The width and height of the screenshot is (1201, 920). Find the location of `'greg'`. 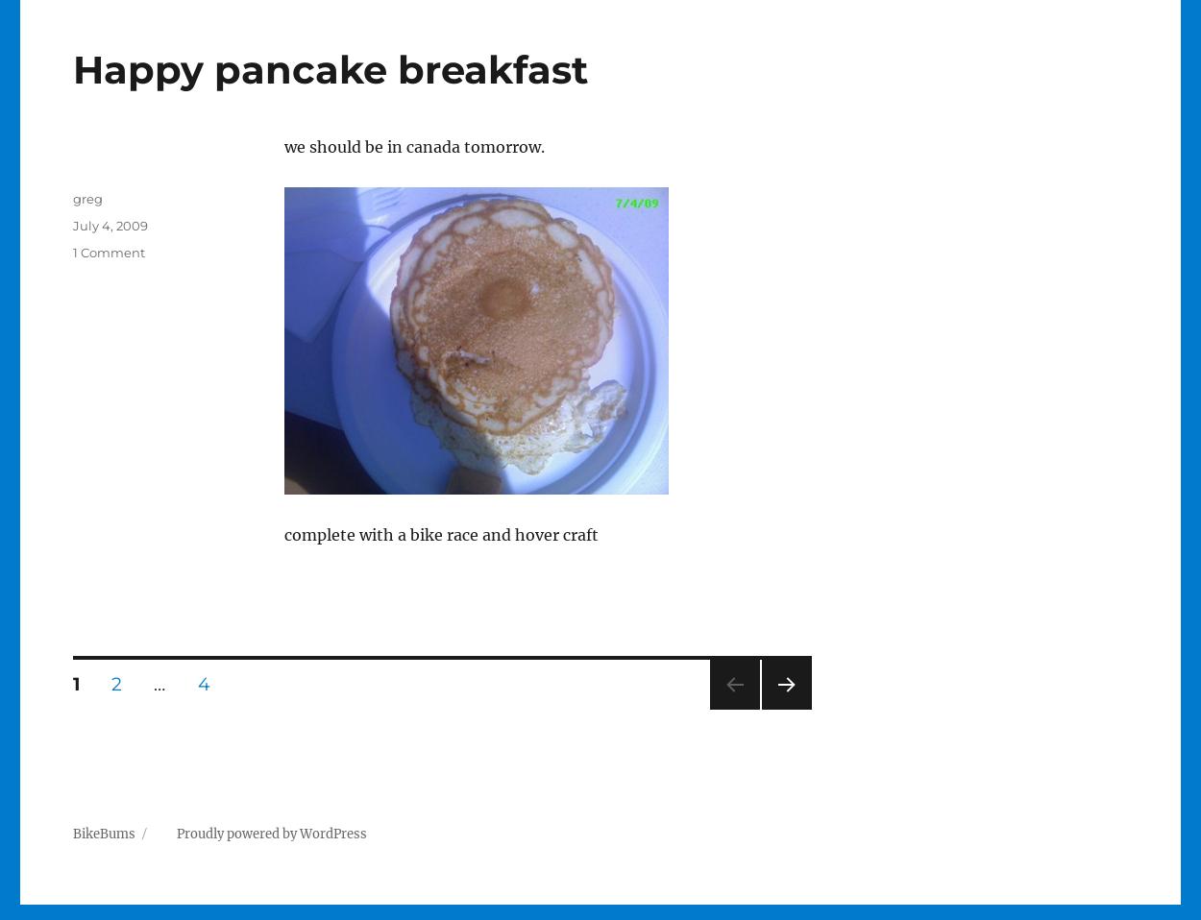

'greg' is located at coordinates (71, 198).